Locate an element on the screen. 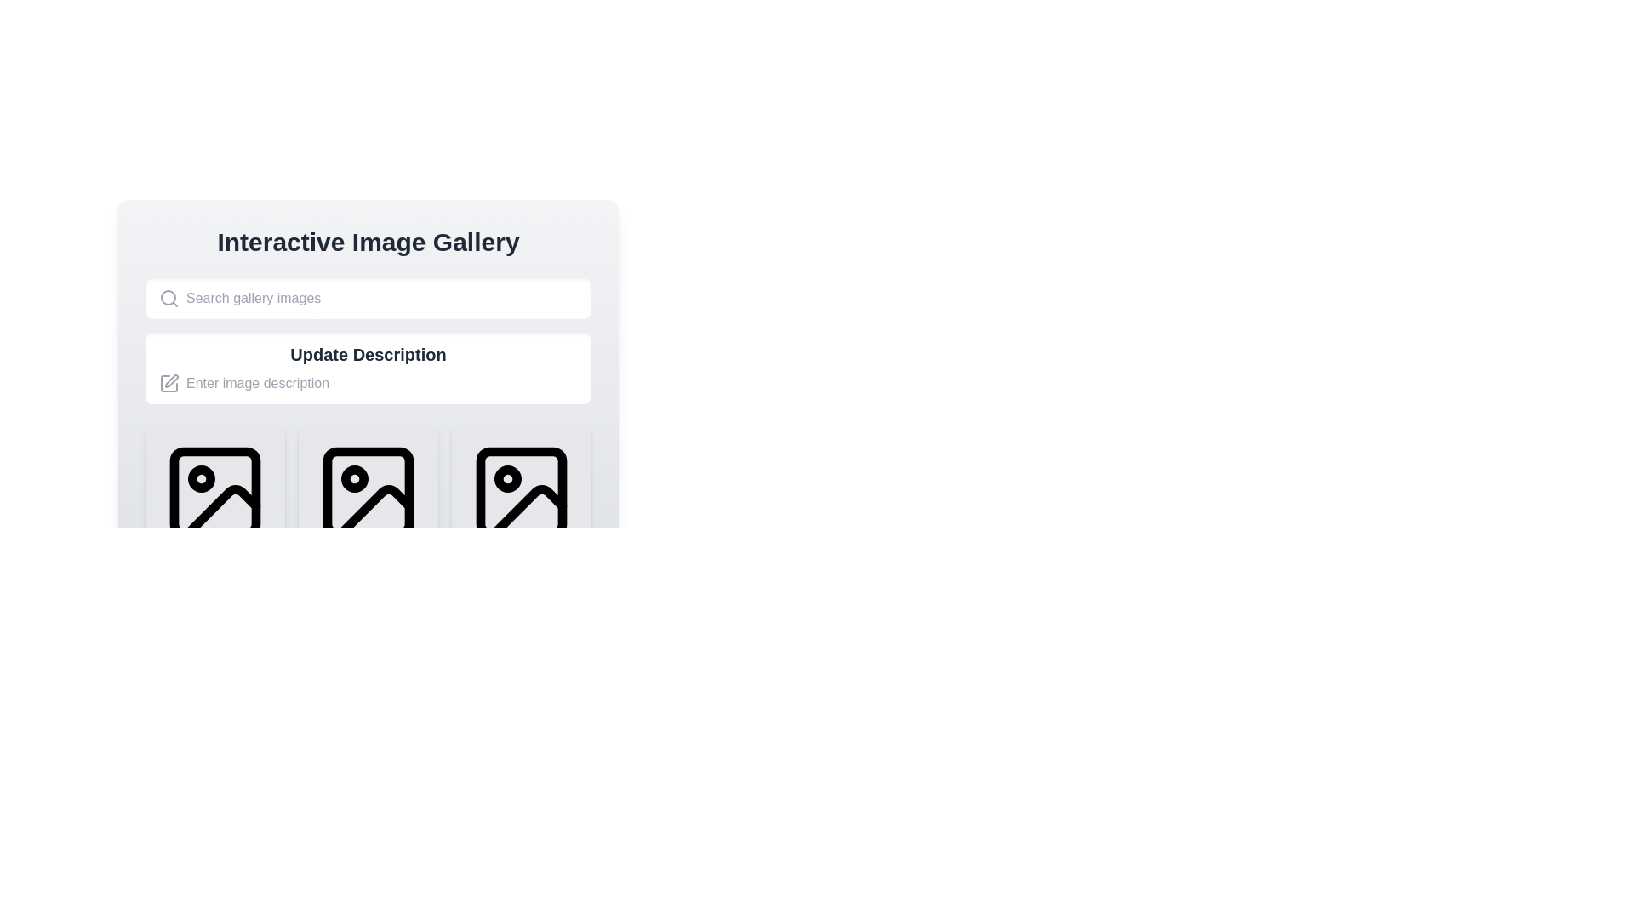 The height and width of the screenshot is (919, 1634). the small rectangle with rounded corners located in the top-left segment of the photo icon below 'Interactive Image Gallery' is located at coordinates (214, 492).